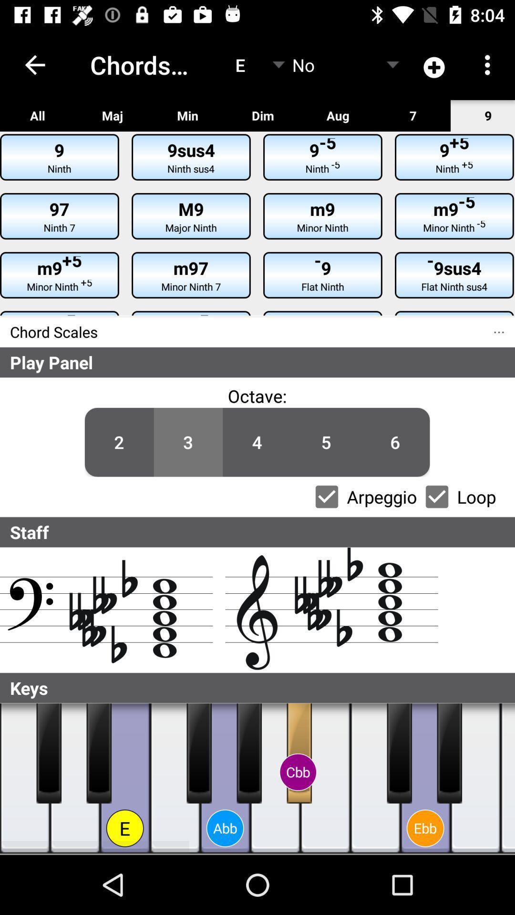 This screenshot has height=915, width=515. I want to click on note, so click(399, 752).